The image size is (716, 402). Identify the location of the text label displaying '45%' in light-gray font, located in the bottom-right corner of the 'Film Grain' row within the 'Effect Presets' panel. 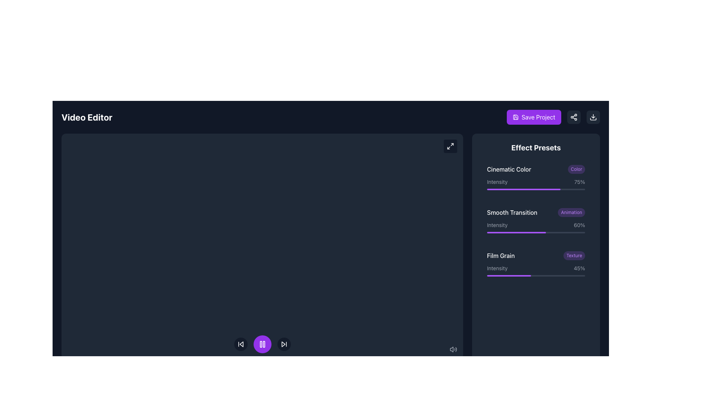
(579, 268).